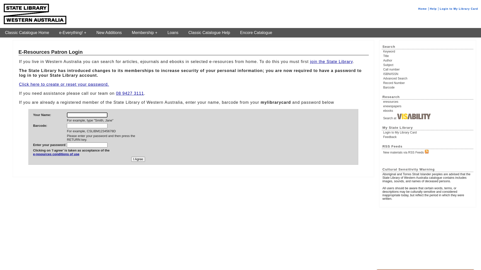  Describe the element at coordinates (64, 84) in the screenshot. I see `'Click here to create or reset your password.'` at that location.